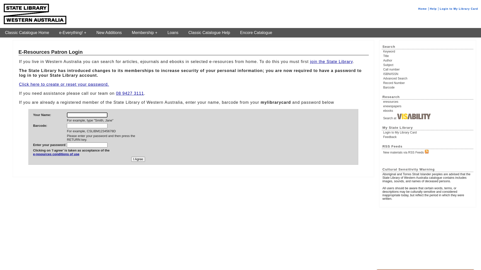  Describe the element at coordinates (64, 84) in the screenshot. I see `'Click here to create or reset your password.'` at that location.